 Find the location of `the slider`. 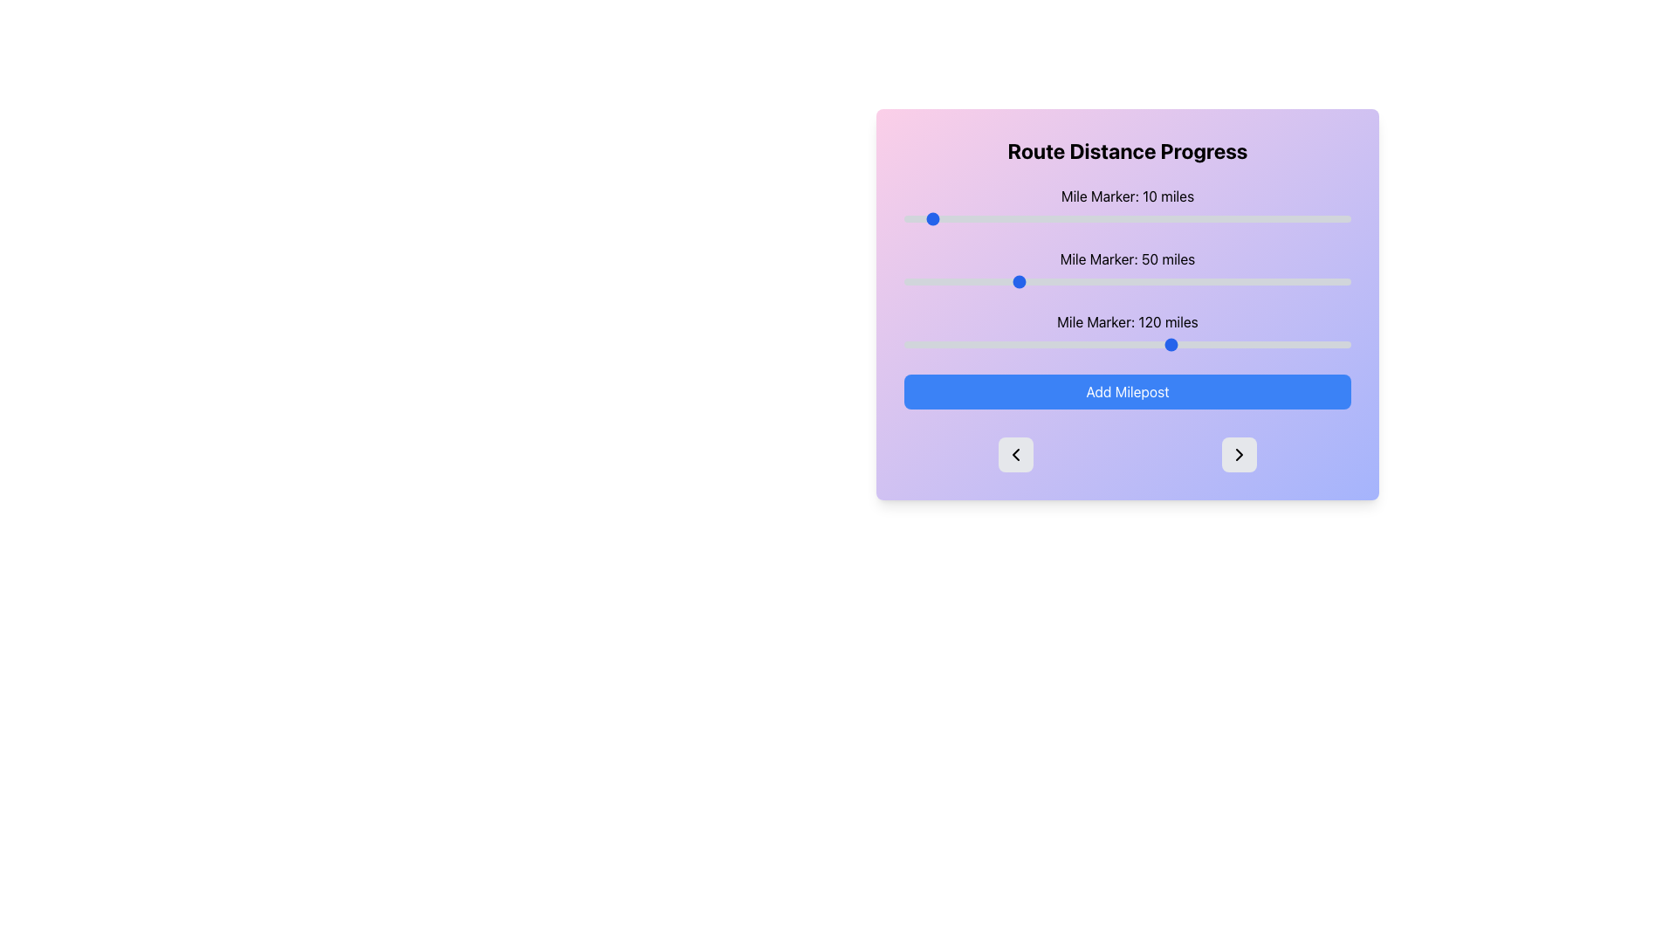

the slider is located at coordinates (906, 217).